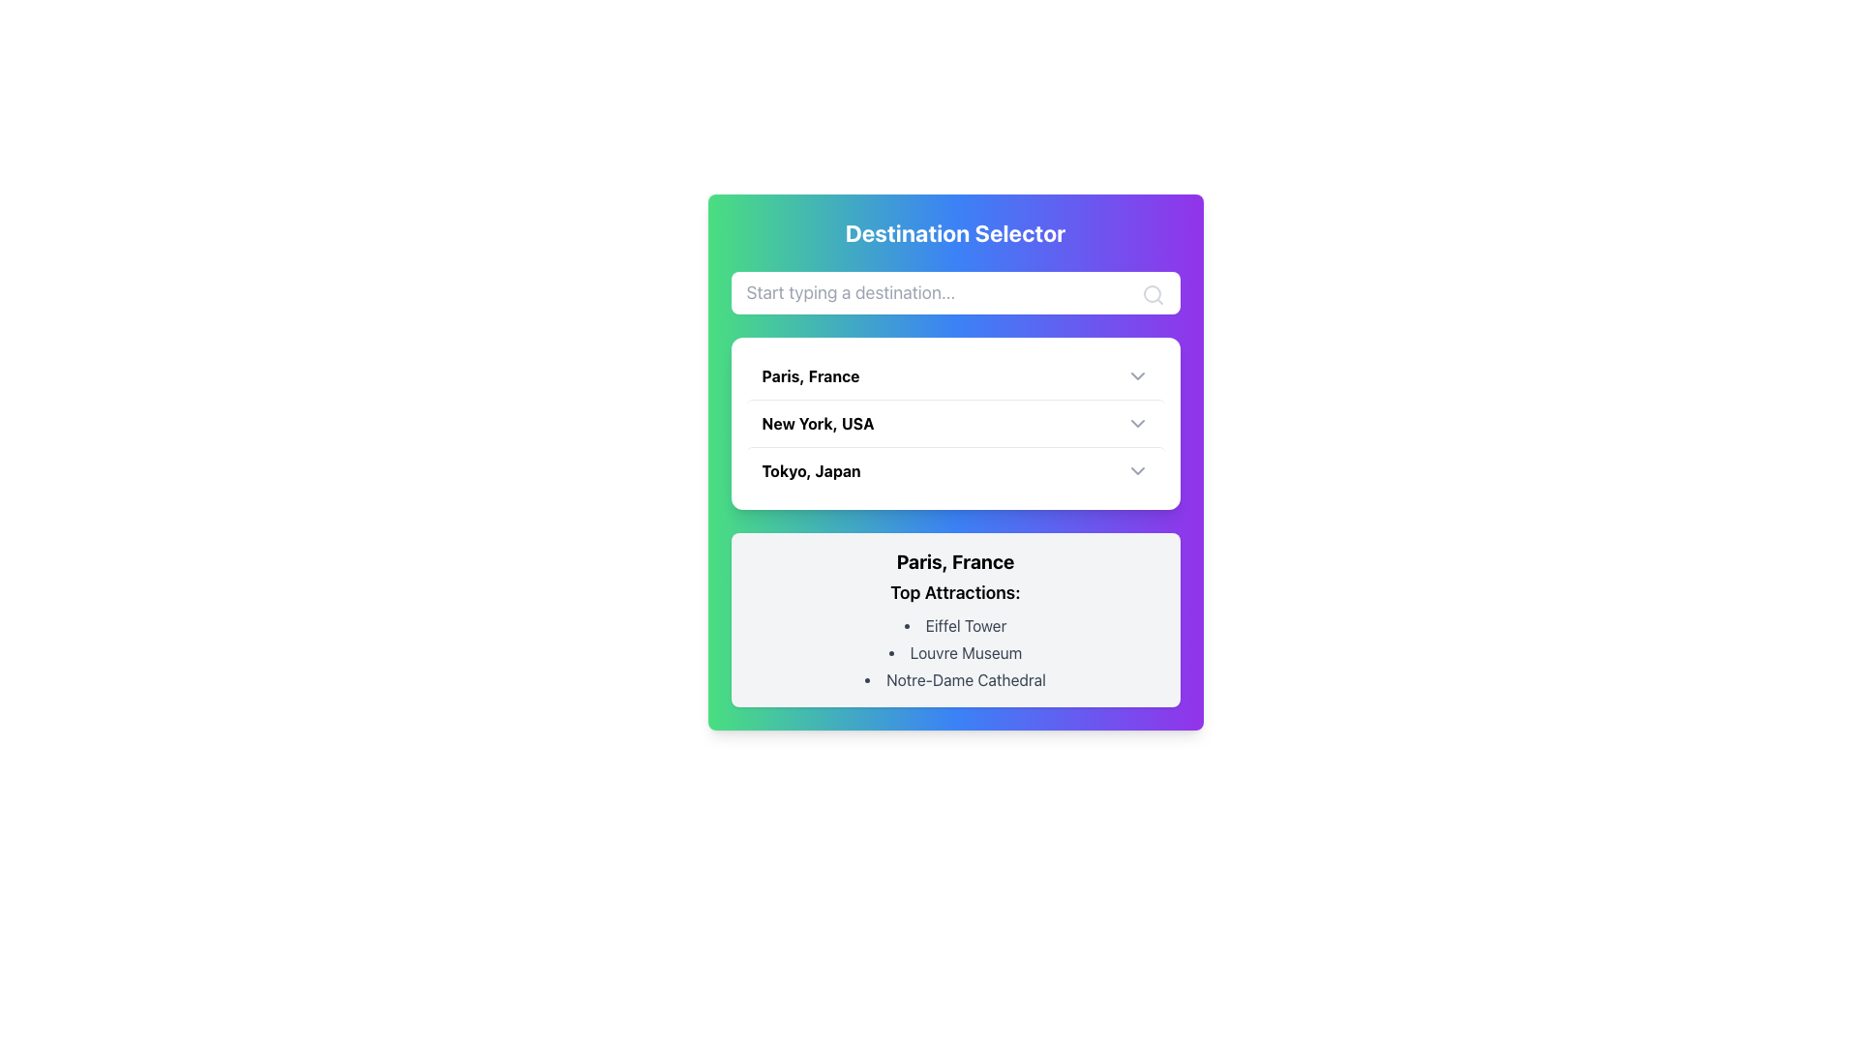 The width and height of the screenshot is (1858, 1045). Describe the element at coordinates (1152, 294) in the screenshot. I see `the SVG Circle element that is part of the search icon, located at the top-right corner of the purple gradient search interface` at that location.